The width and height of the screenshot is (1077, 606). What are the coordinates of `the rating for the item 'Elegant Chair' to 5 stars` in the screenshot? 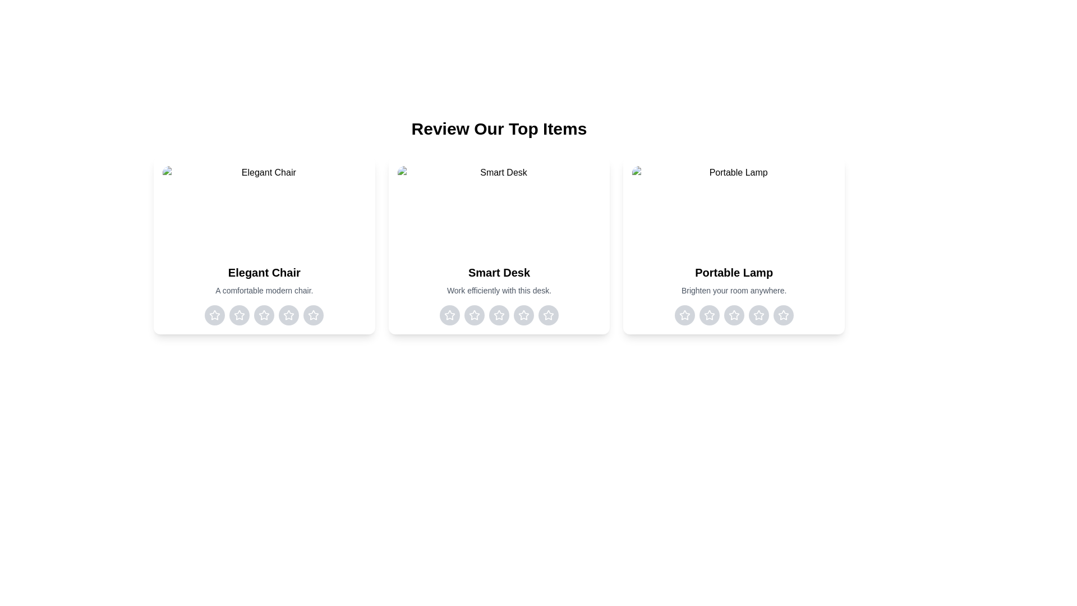 It's located at (313, 315).